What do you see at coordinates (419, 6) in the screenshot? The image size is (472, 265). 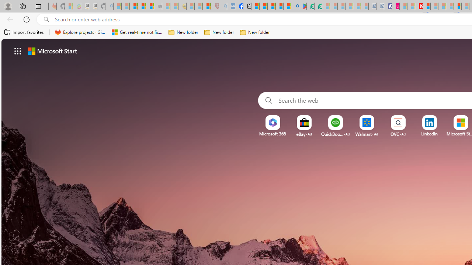 I see `'Latest Politics News & Archive | Newsweek.com'` at bounding box center [419, 6].